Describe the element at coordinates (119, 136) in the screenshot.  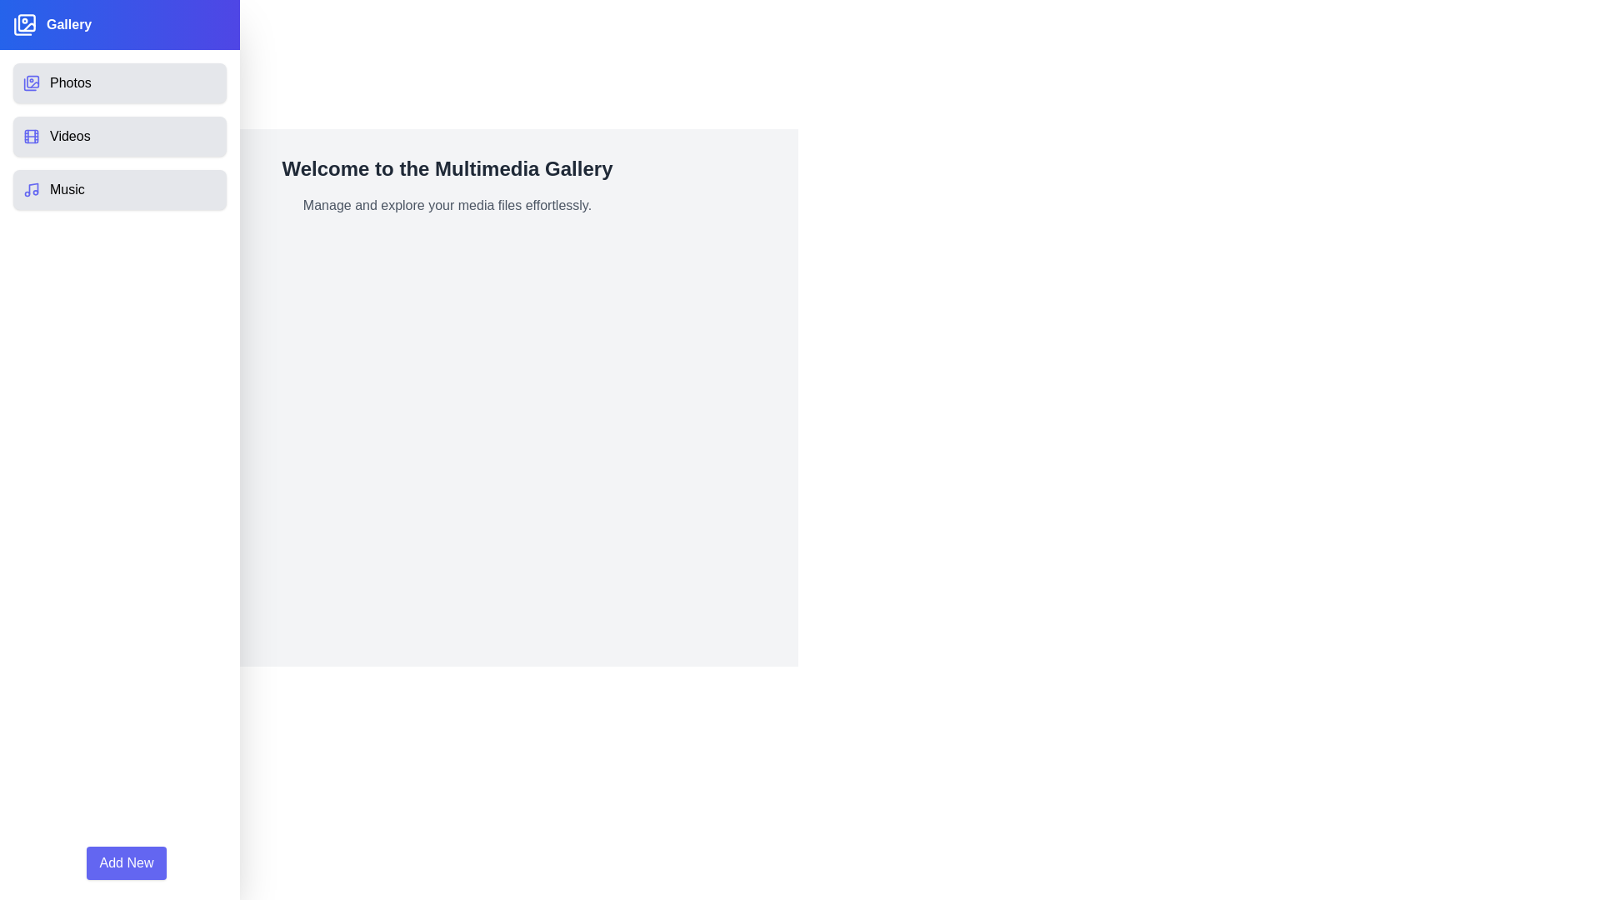
I see `the Videos category in the Multimedia Gallery Drawer` at that location.